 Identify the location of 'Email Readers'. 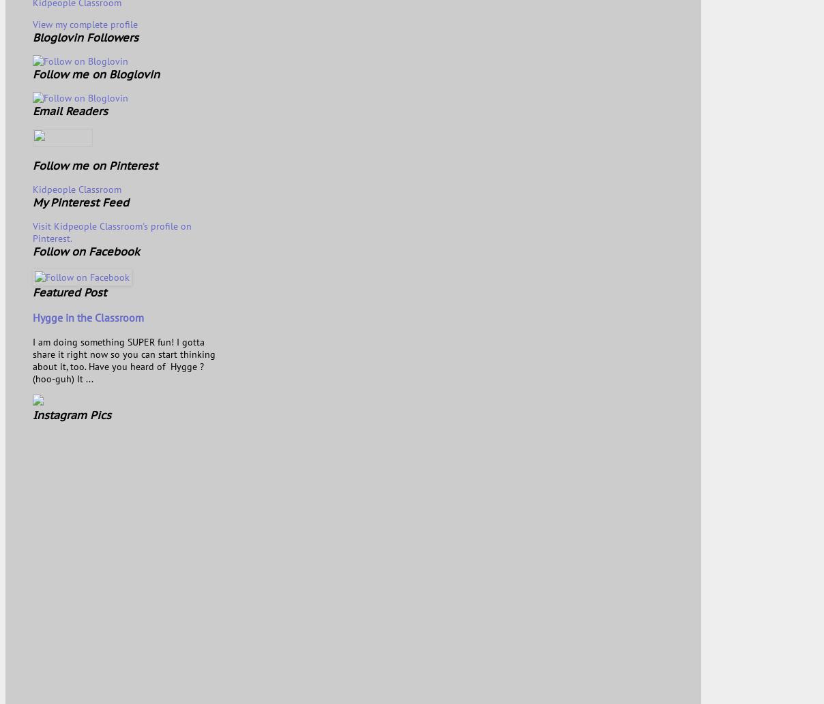
(70, 110).